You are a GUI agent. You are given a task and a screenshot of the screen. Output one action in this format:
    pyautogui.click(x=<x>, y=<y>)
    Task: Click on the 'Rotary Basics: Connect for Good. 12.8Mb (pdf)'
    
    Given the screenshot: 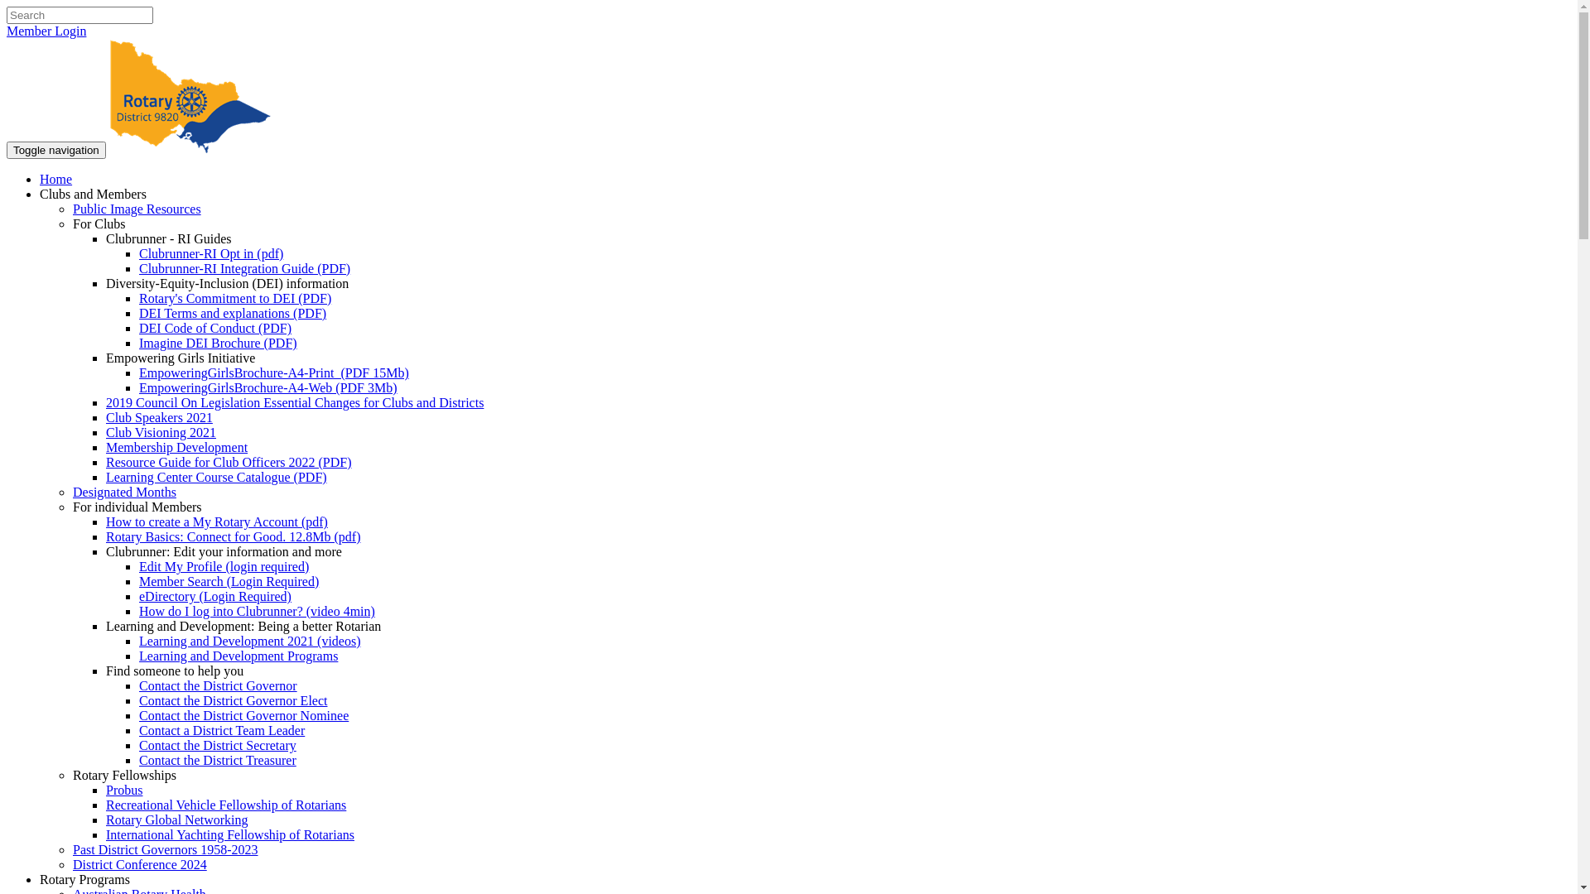 What is the action you would take?
    pyautogui.click(x=233, y=536)
    